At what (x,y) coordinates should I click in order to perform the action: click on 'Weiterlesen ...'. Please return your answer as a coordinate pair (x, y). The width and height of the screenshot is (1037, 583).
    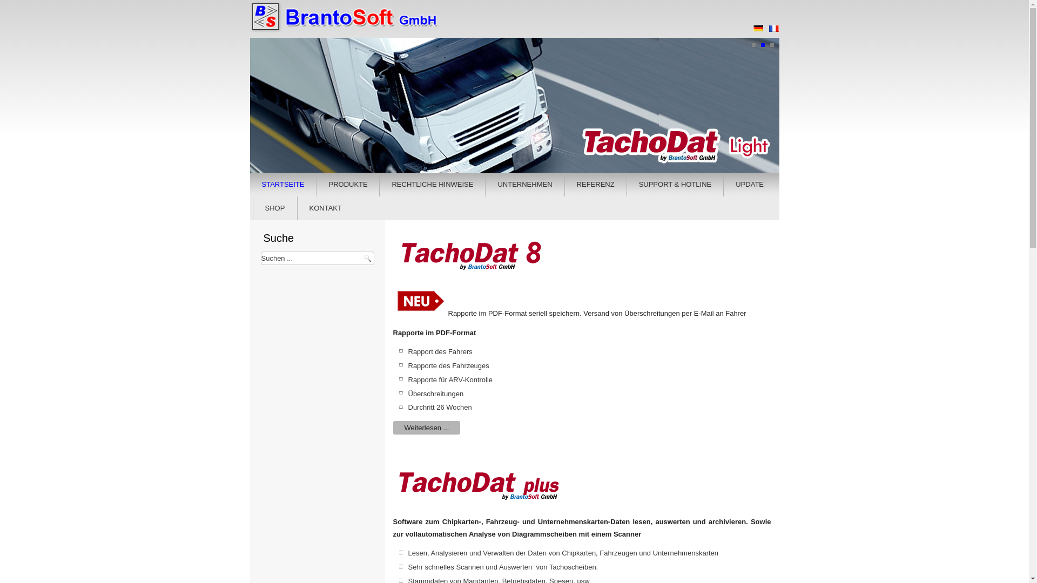
    Looking at the image, I should click on (426, 427).